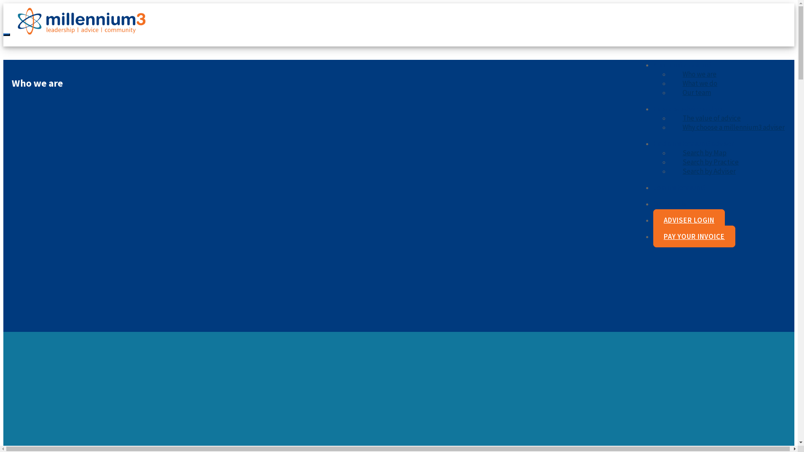 This screenshot has height=452, width=804. Describe the element at coordinates (697, 92) in the screenshot. I see `'Our team'` at that location.